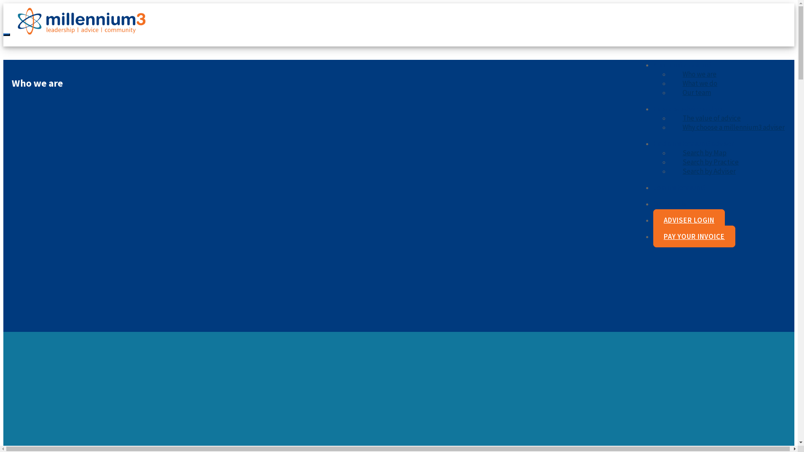 This screenshot has height=452, width=804. Describe the element at coordinates (697, 92) in the screenshot. I see `'Our team'` at that location.